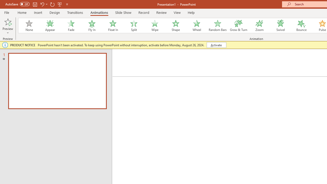 The image size is (327, 184). Describe the element at coordinates (50, 26) in the screenshot. I see `'Appear'` at that location.